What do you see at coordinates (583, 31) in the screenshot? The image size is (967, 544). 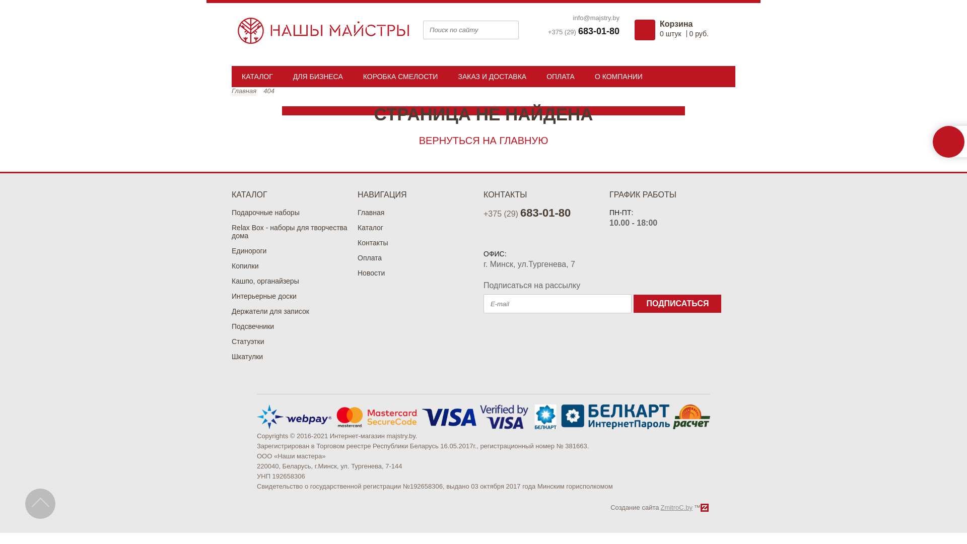 I see `'+375 (29)683-01-80'` at bounding box center [583, 31].